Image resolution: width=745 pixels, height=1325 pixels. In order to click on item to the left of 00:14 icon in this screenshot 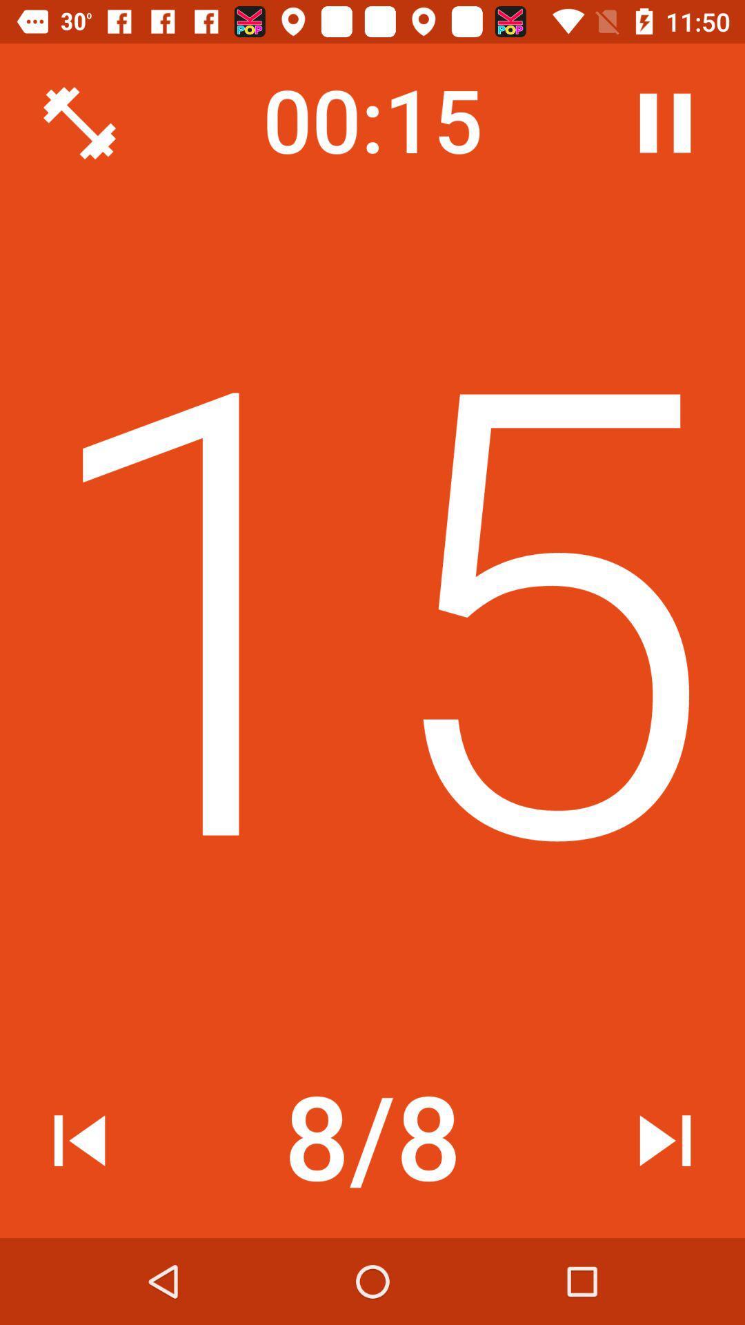, I will do `click(79, 123)`.